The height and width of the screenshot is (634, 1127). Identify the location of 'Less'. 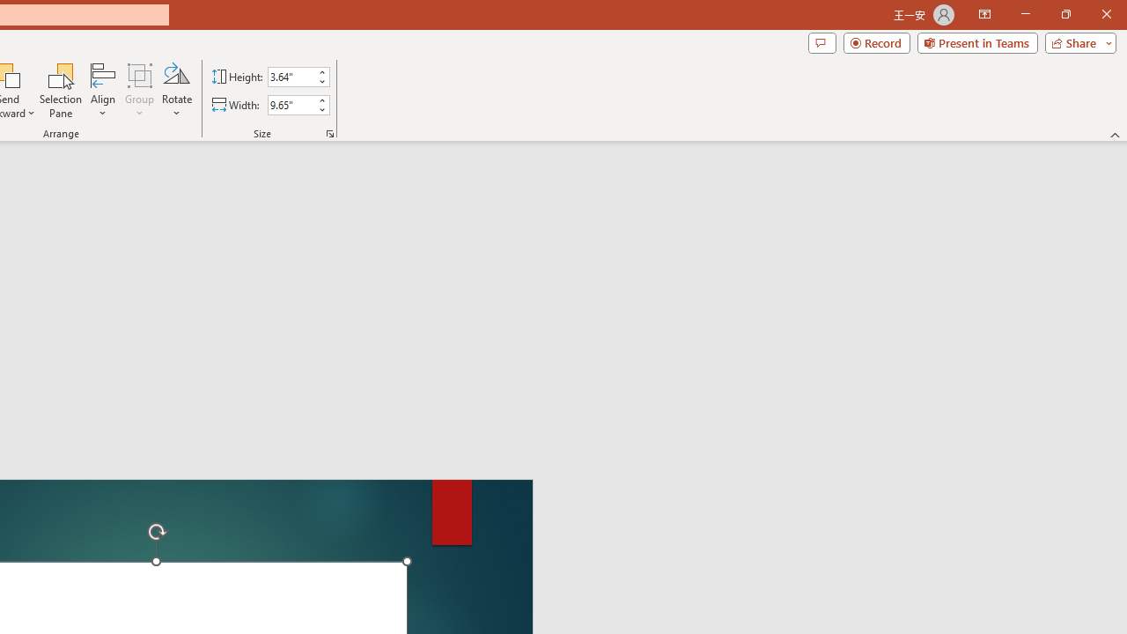
(321, 109).